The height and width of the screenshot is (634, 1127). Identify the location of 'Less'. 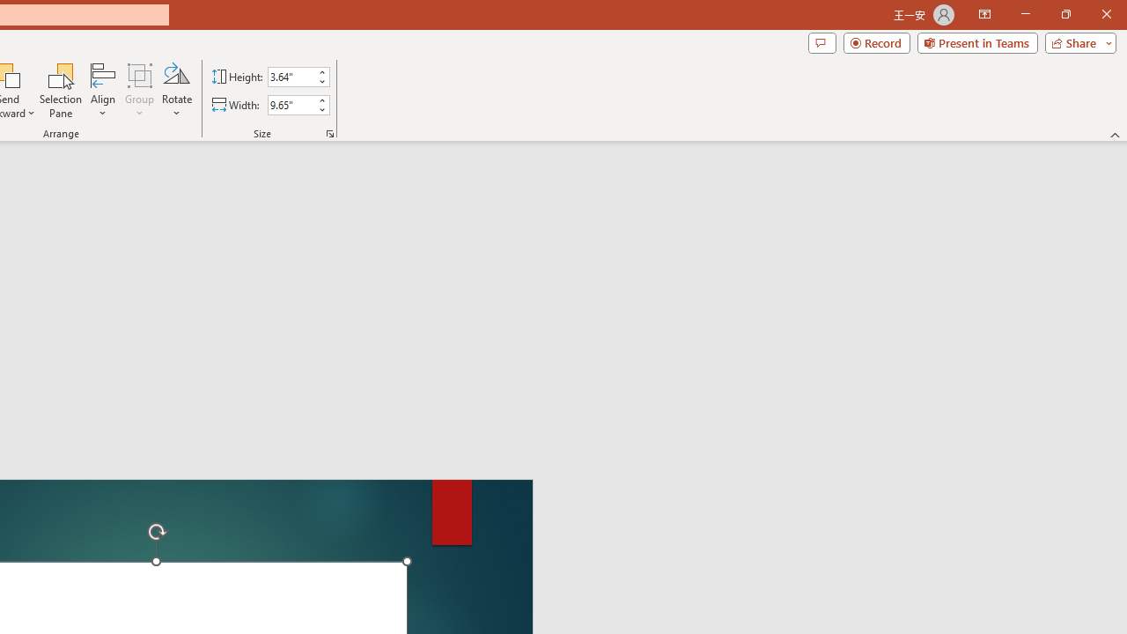
(321, 109).